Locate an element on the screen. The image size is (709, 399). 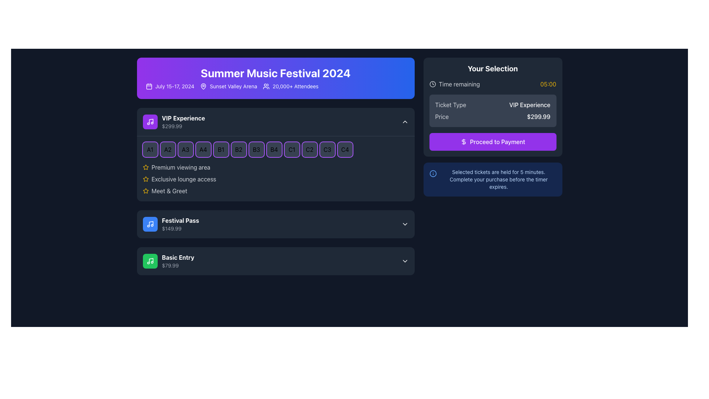
the icon button representing the 'Festival Pass' option is located at coordinates (150, 224).